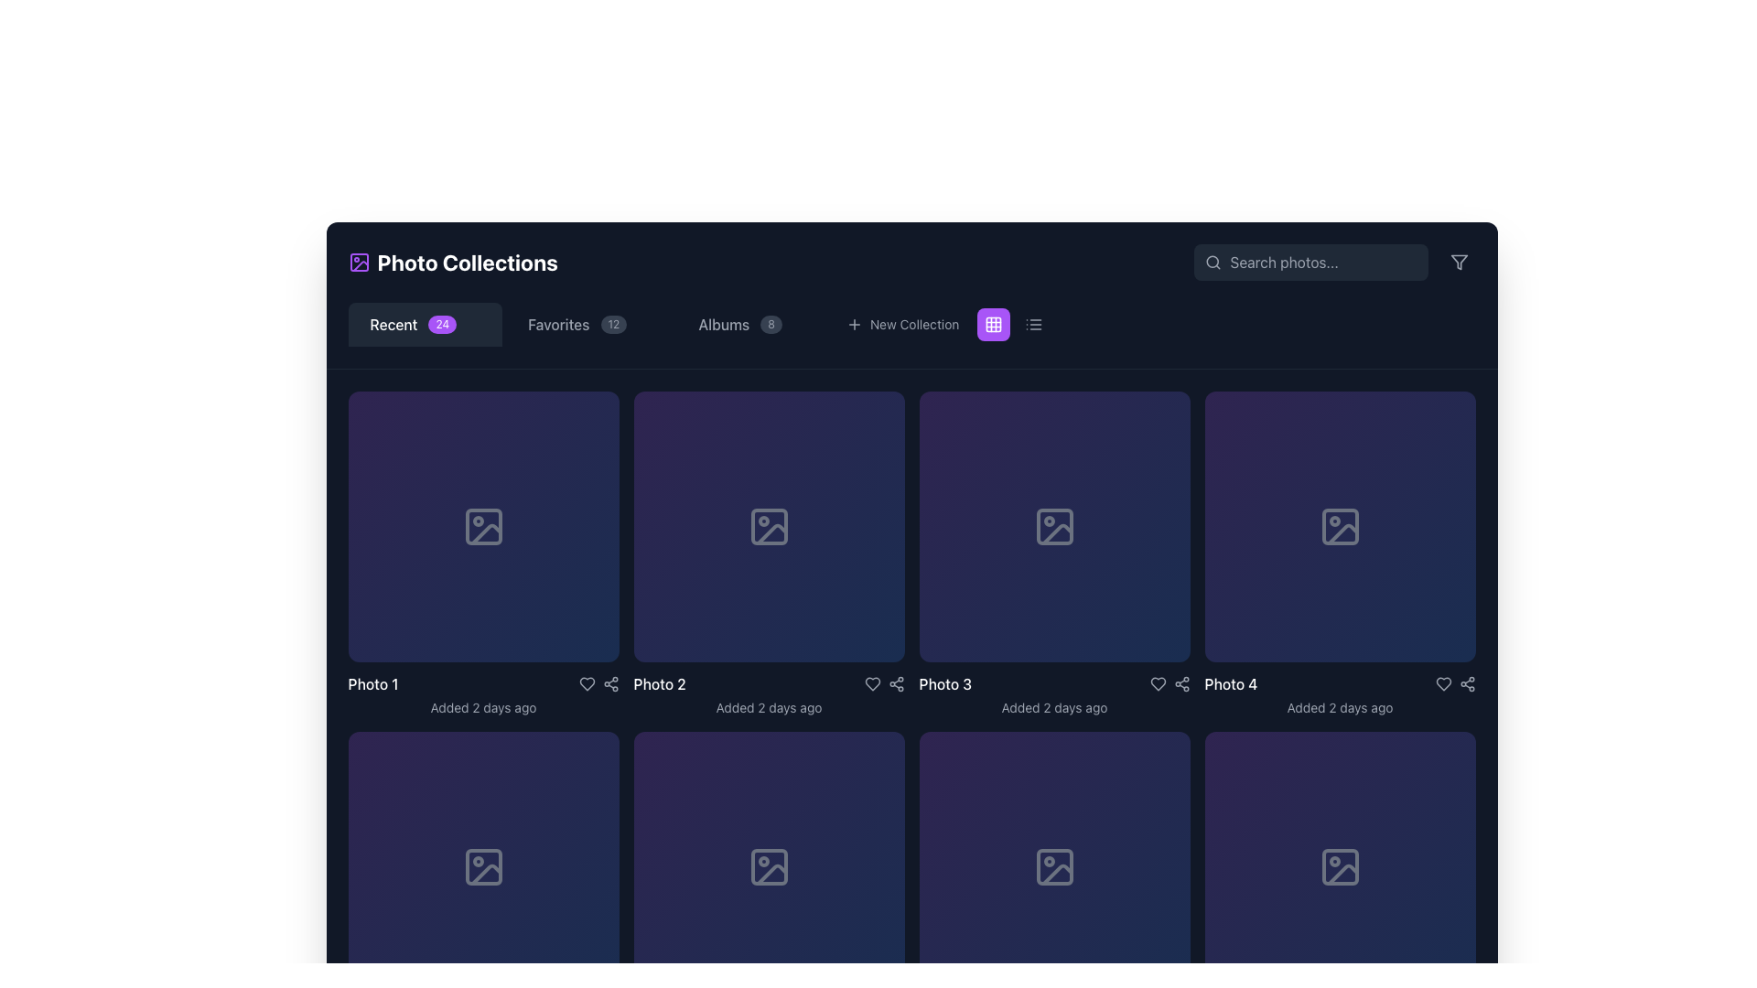 The height and width of the screenshot is (988, 1757). Describe the element at coordinates (1340, 866) in the screenshot. I see `the download icon located in the bottom-right corner of the image frame to initiate the download` at that location.